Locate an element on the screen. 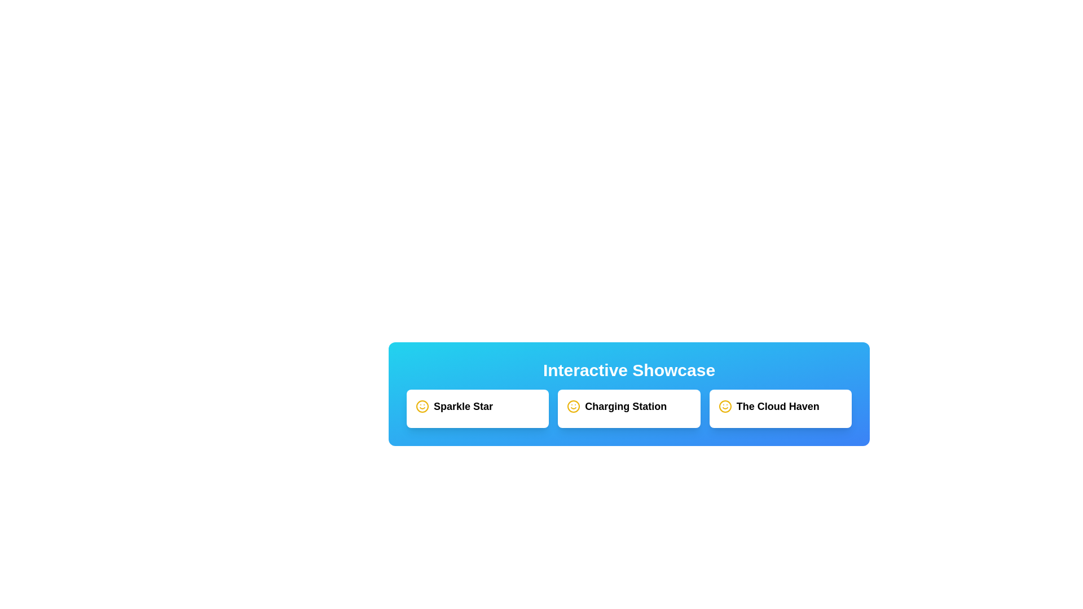 This screenshot has width=1083, height=609. the 'Charging Station' label and icon element, which is the middle card in a horizontally arranged group of cards labeled 'Sparkle Star', 'Charging Station', and 'The Cloud Haven' is located at coordinates (628, 407).